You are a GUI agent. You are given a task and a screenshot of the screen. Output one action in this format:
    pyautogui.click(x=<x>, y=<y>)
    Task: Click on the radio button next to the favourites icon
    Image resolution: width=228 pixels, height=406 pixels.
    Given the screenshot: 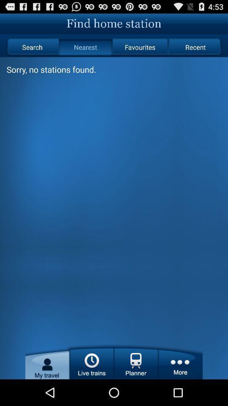 What is the action you would take?
    pyautogui.click(x=195, y=47)
    